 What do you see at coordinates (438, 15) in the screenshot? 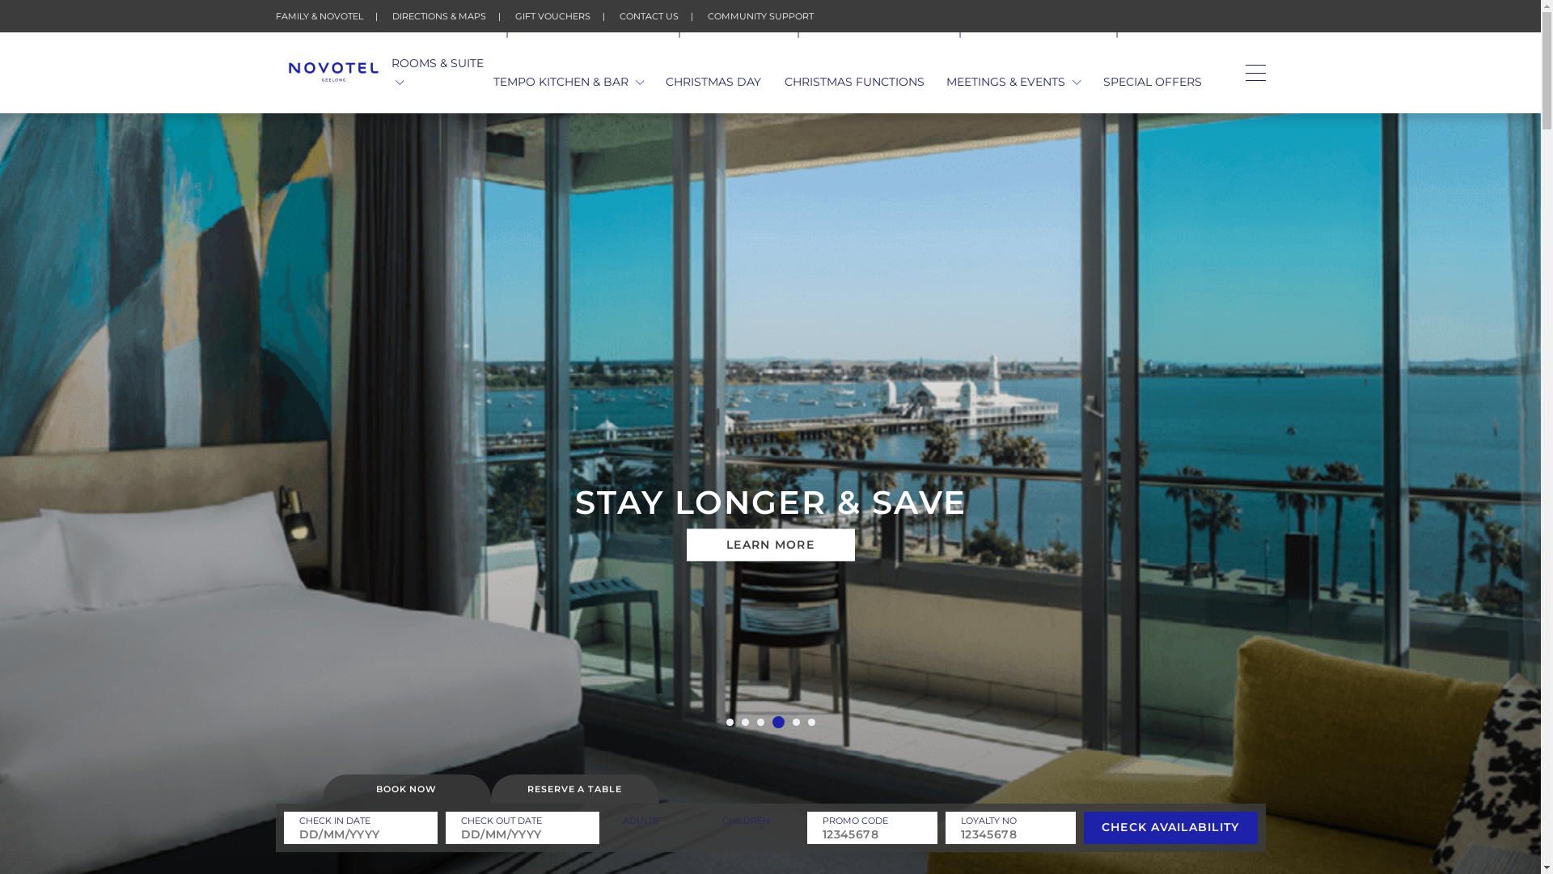
I see `'DIRECTIONS & MAPS'` at bounding box center [438, 15].